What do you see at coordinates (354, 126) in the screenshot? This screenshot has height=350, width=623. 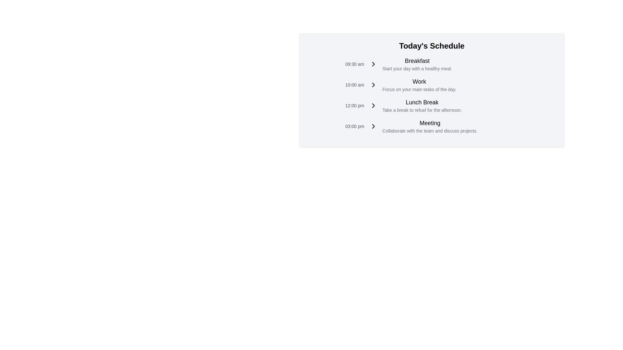 I see `the timestamp text that indicates the time associated with the 'Meeting' activity in the schedule, which is located beneath the '12:00 pm' timestamp and adjacent to the 'Meeting' label` at bounding box center [354, 126].